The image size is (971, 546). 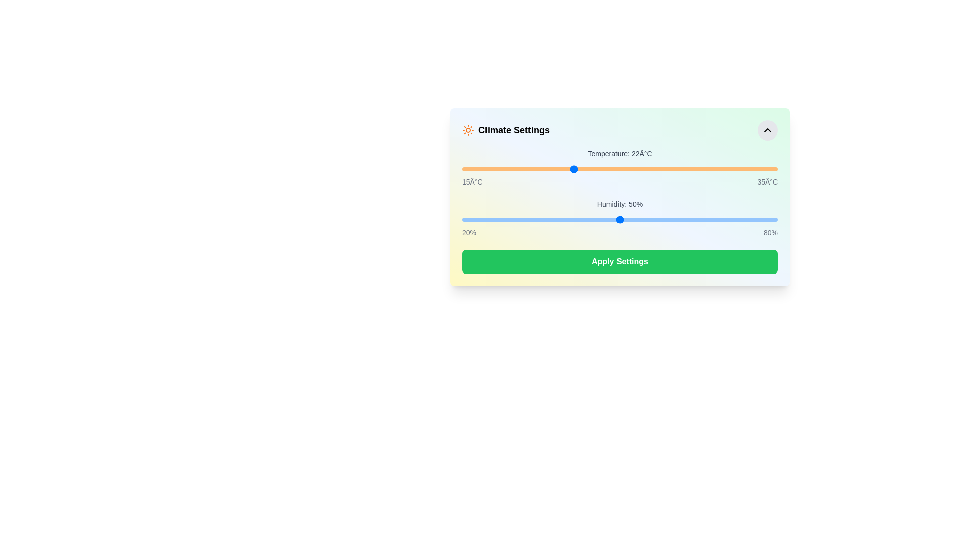 What do you see at coordinates (619, 181) in the screenshot?
I see `the text label that indicates the minimum and maximum values of the temperature range slider, located directly beneath the orange slider bar labeled 'Temperature: 22°C'` at bounding box center [619, 181].